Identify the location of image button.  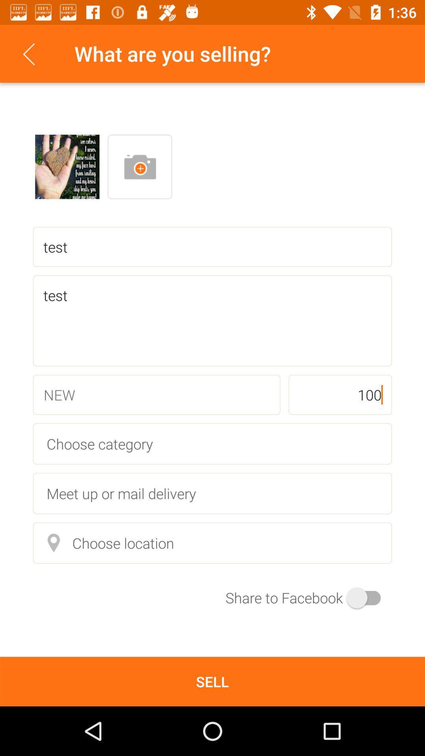
(139, 166).